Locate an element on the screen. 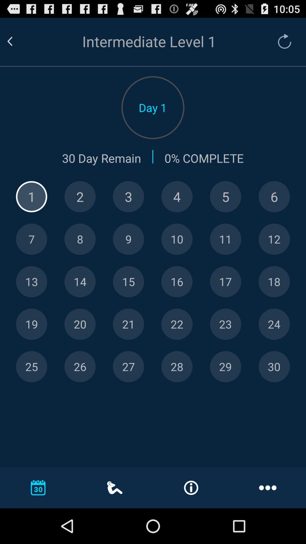  9 is located at coordinates (128, 239).